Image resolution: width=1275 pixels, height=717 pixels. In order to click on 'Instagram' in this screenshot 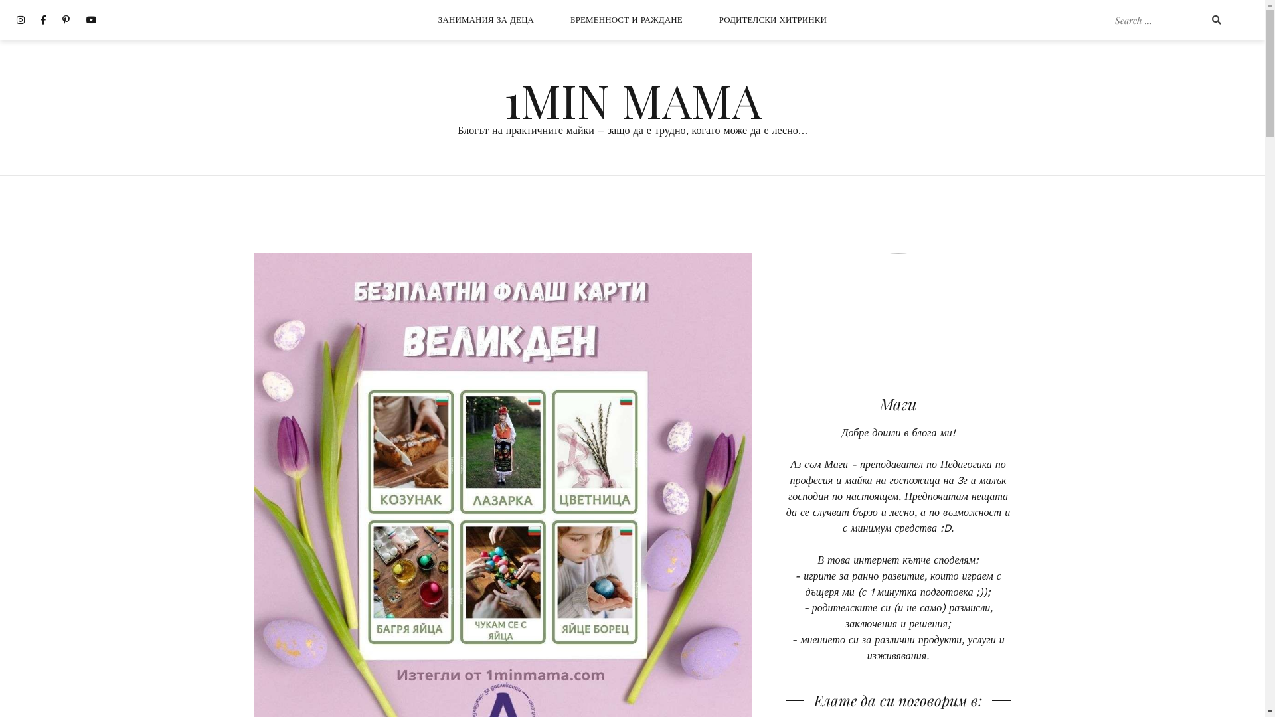, I will do `click(20, 20)`.